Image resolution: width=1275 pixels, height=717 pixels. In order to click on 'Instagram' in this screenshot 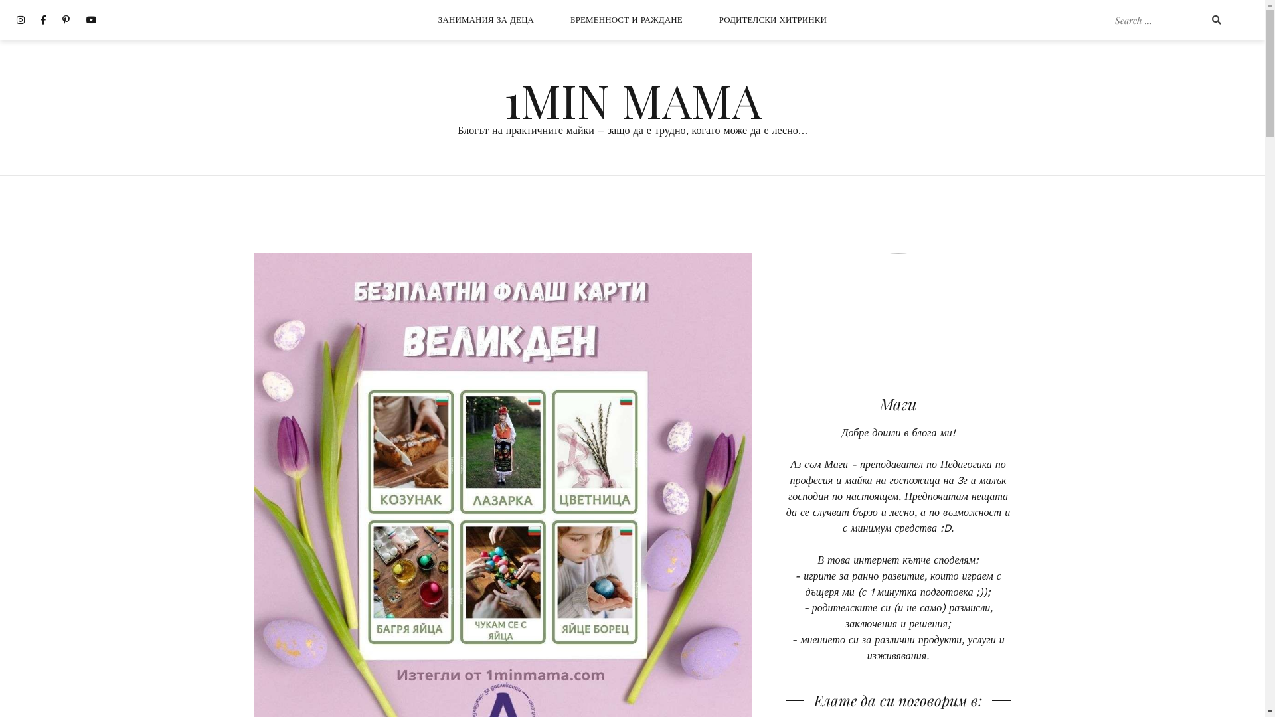, I will do `click(20, 20)`.